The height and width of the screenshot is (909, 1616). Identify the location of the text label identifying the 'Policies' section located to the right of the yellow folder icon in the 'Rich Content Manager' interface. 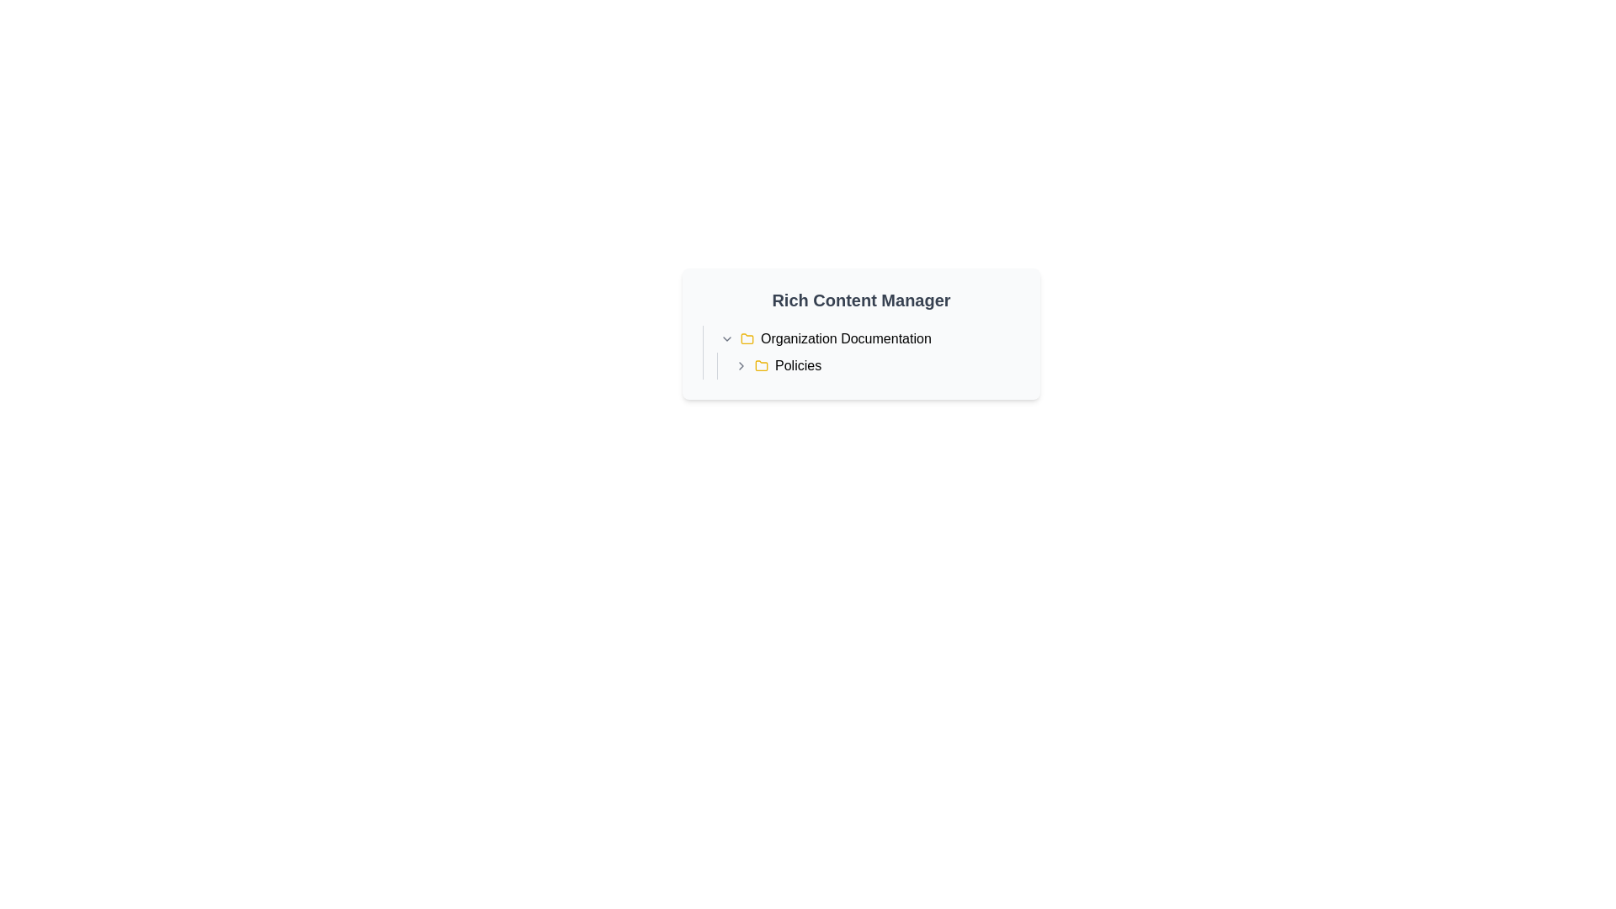
(797, 365).